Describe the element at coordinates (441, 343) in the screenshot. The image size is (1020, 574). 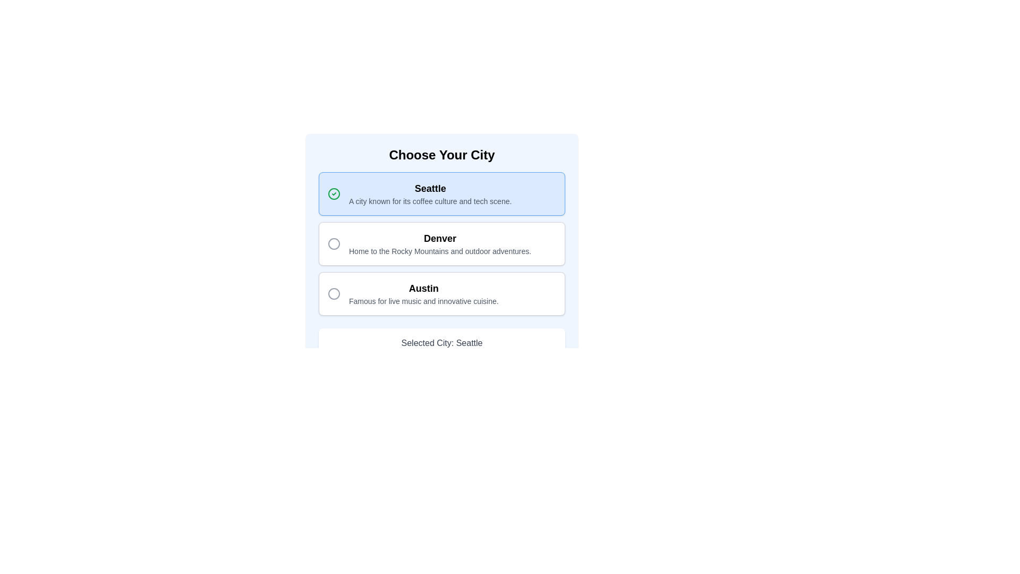
I see `the static text label displaying the selected city 'Seattle', which is centered at the bottom of a white card` at that location.